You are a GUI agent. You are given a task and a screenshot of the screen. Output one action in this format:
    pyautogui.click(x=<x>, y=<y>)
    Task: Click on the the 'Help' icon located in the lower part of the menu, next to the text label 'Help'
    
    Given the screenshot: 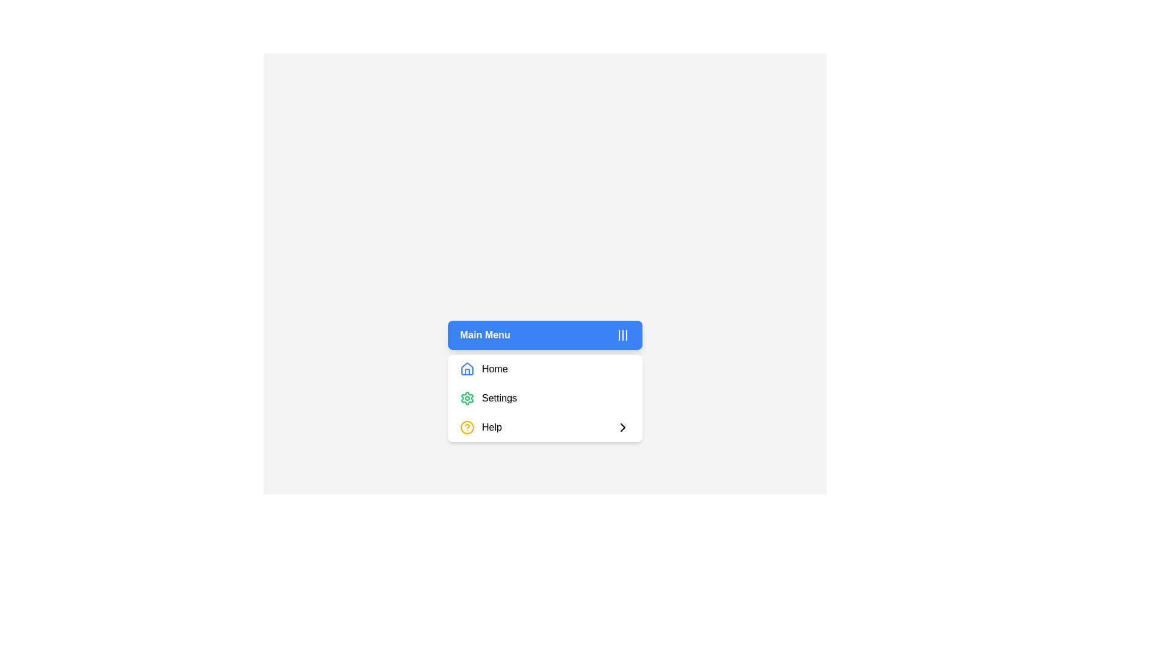 What is the action you would take?
    pyautogui.click(x=466, y=427)
    